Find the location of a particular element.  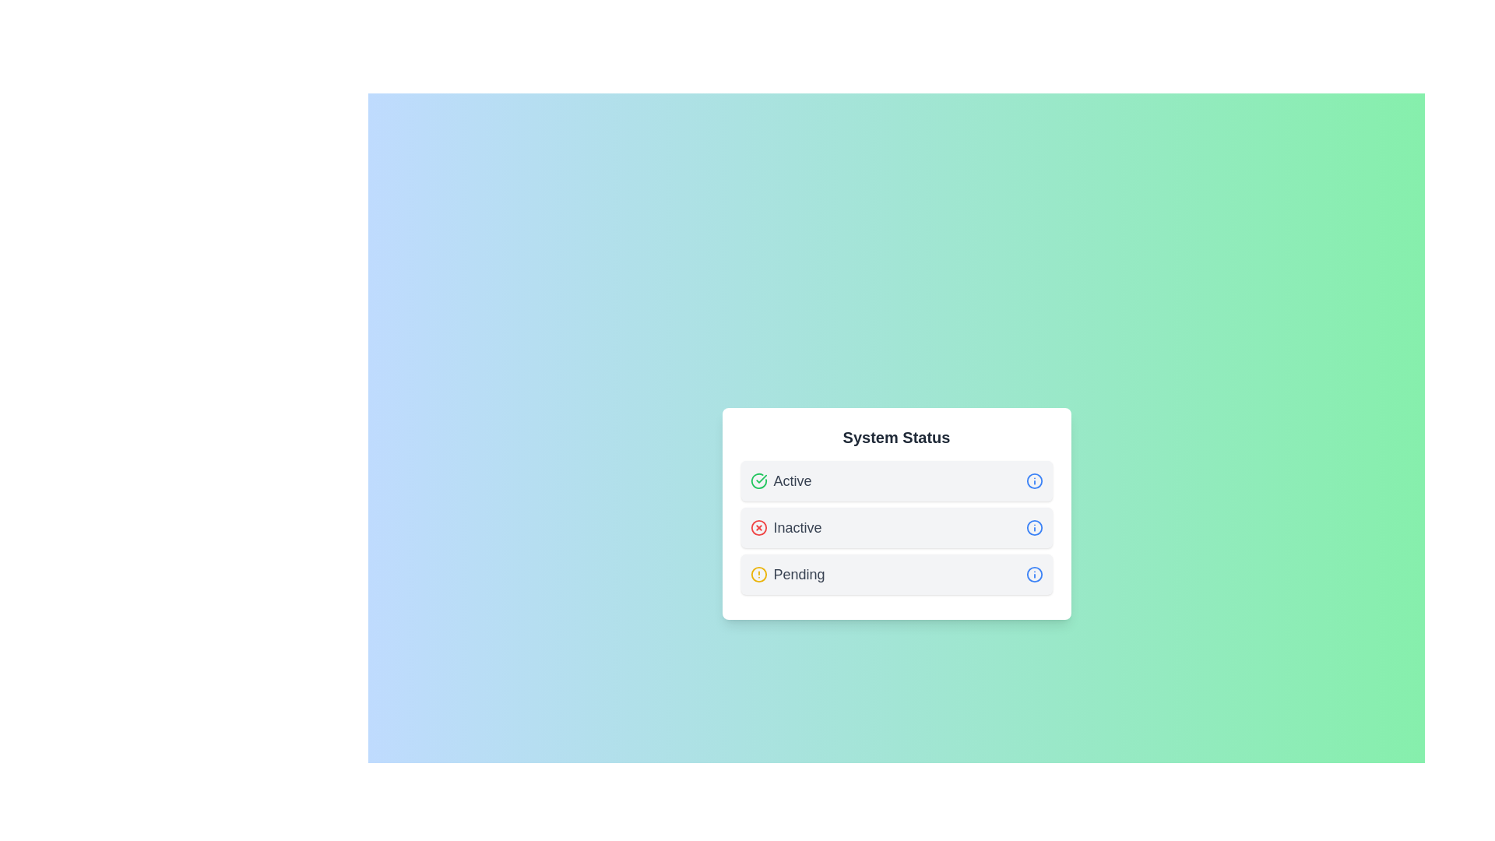

the status display element labeled 'Inactive', which features a red circular icon with an 'X' and a blue circular icon with an 'i' is located at coordinates (896, 527).